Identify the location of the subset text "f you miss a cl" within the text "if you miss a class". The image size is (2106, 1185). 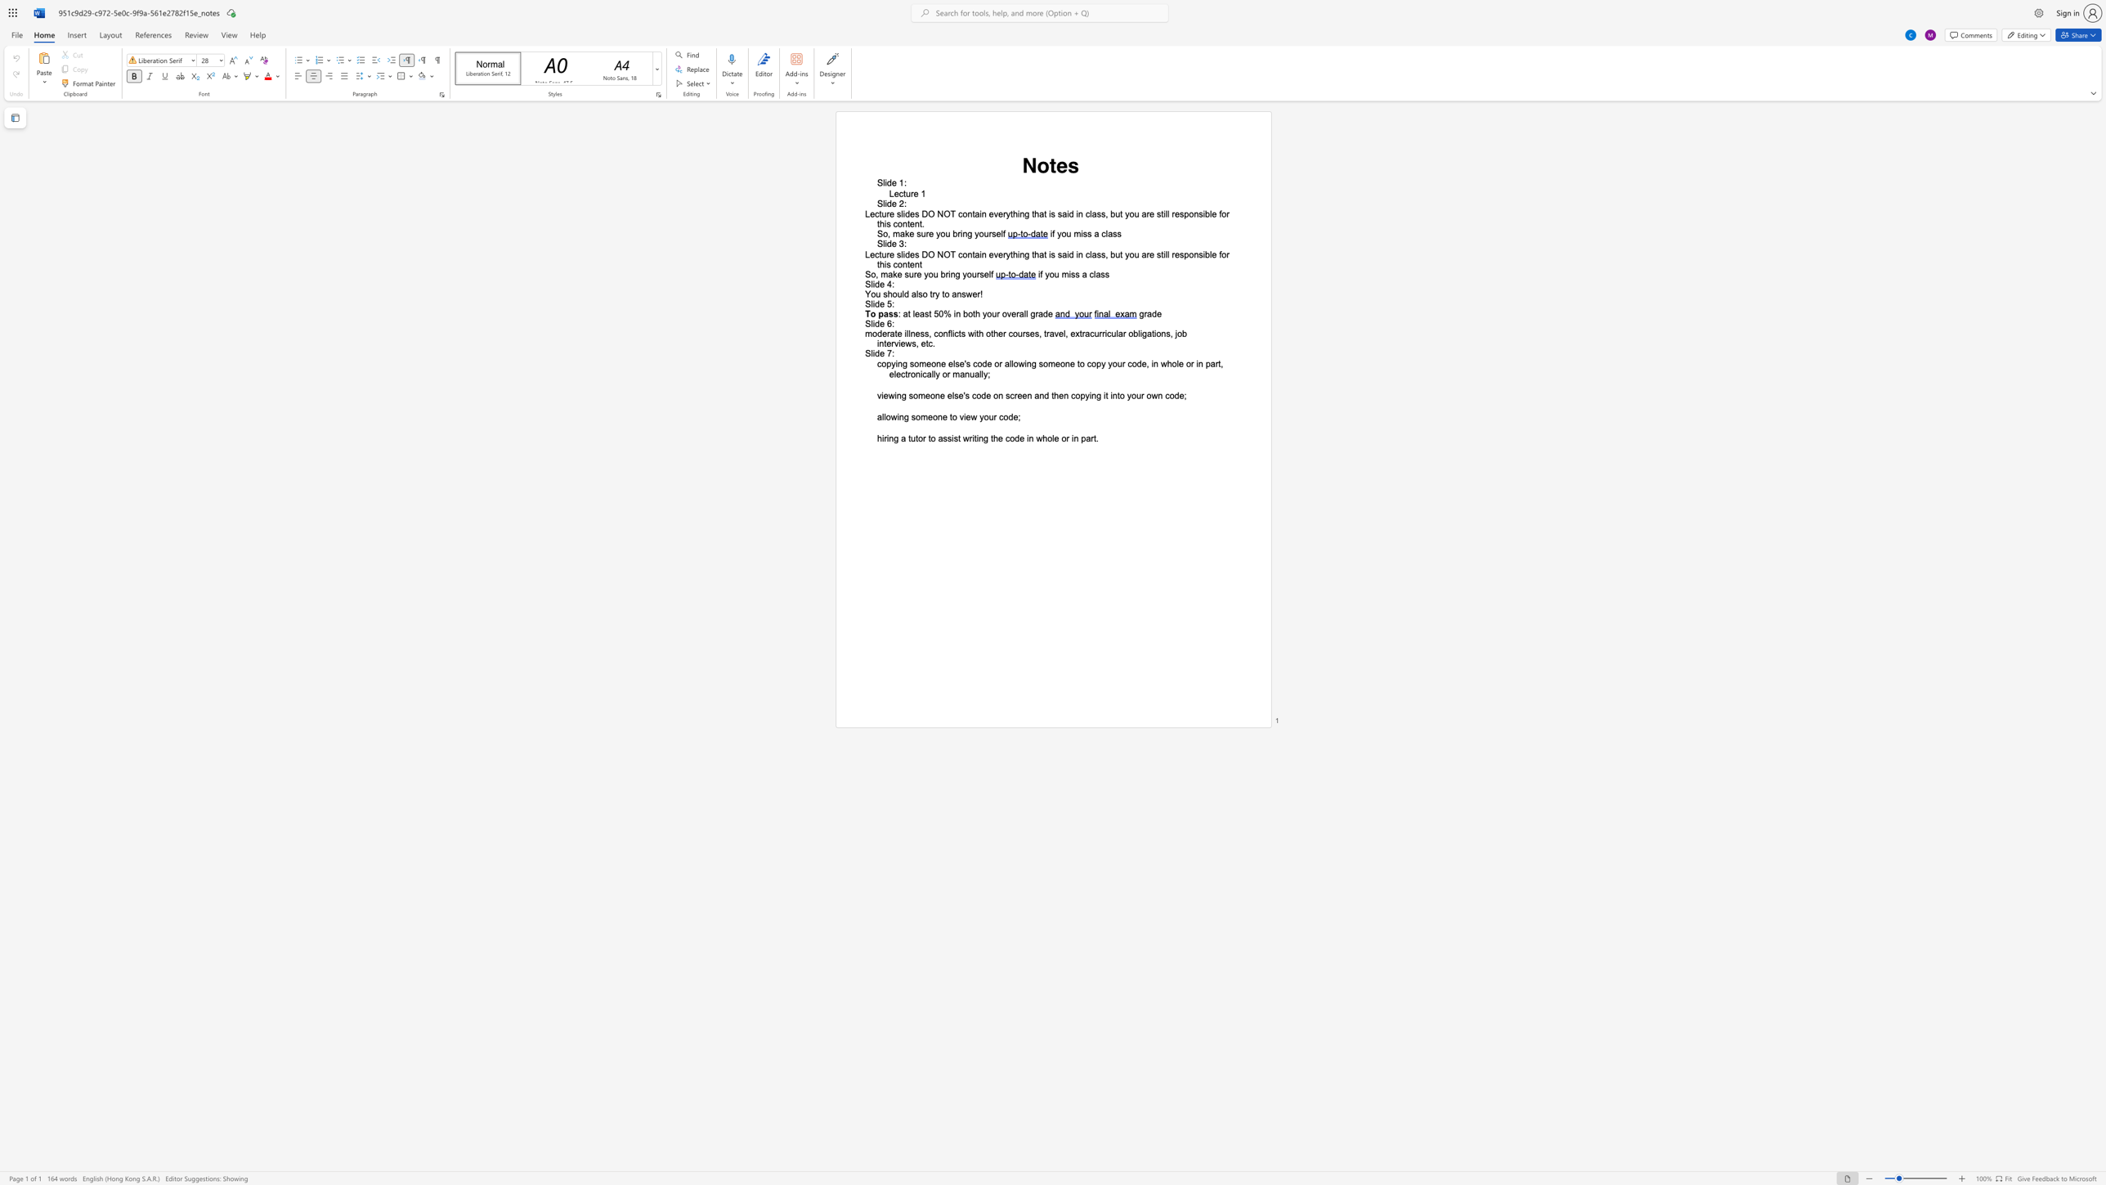
(1039, 274).